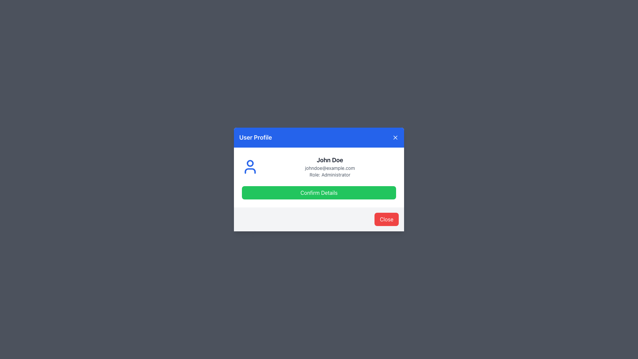 The image size is (638, 359). I want to click on the user profile icon located to the left of the textual information for 'John Doe', 'johndoe@example.com', and 'Administrator' in the user profile modal window, so click(250, 166).